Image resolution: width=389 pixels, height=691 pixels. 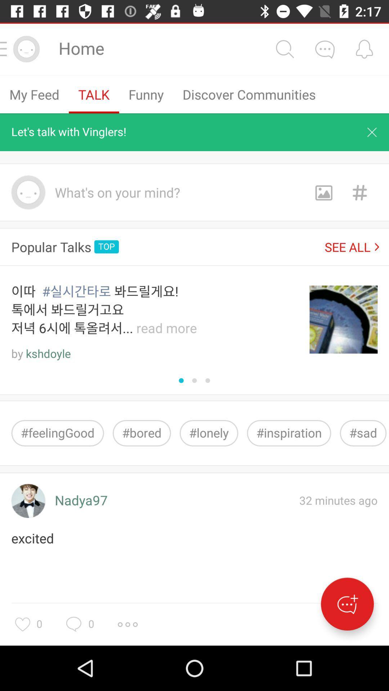 What do you see at coordinates (363, 433) in the screenshot?
I see `#sad icon` at bounding box center [363, 433].